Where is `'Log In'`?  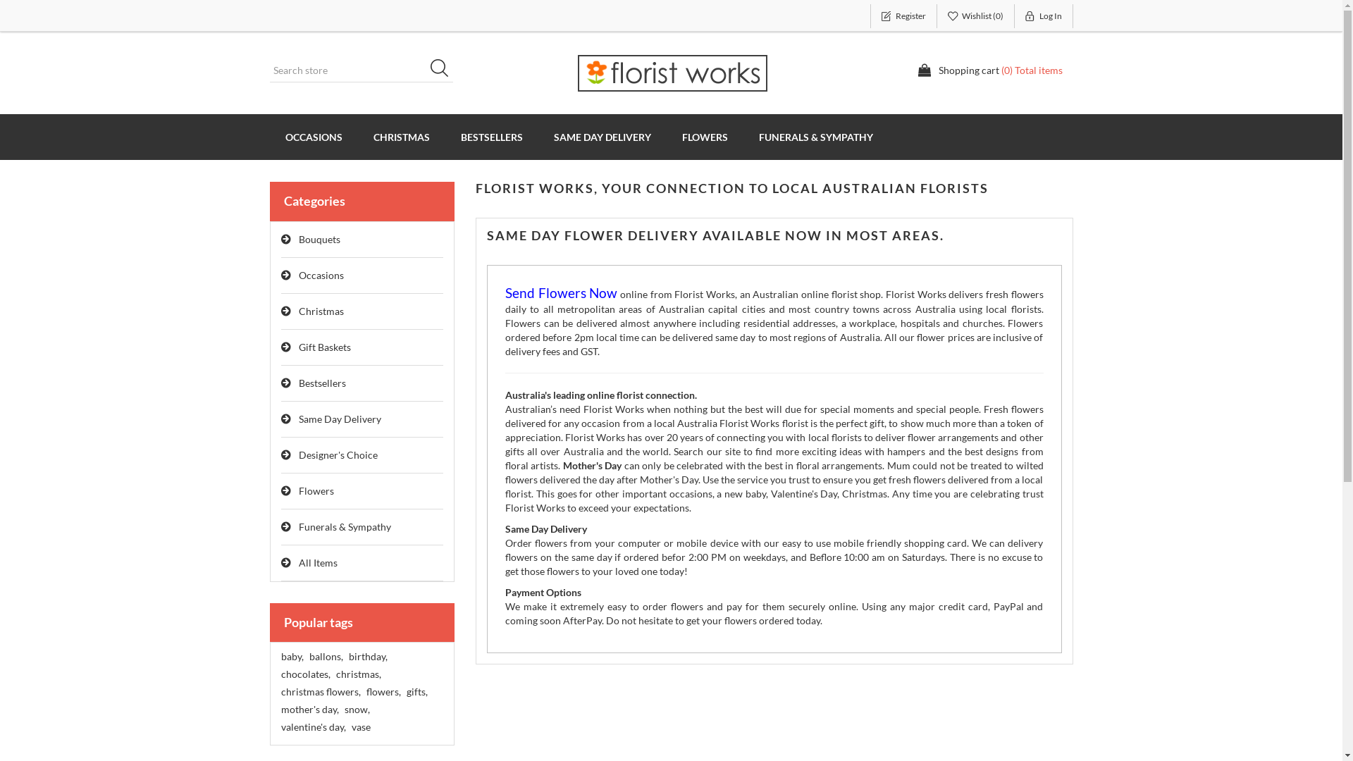
'Log In' is located at coordinates (1015, 16).